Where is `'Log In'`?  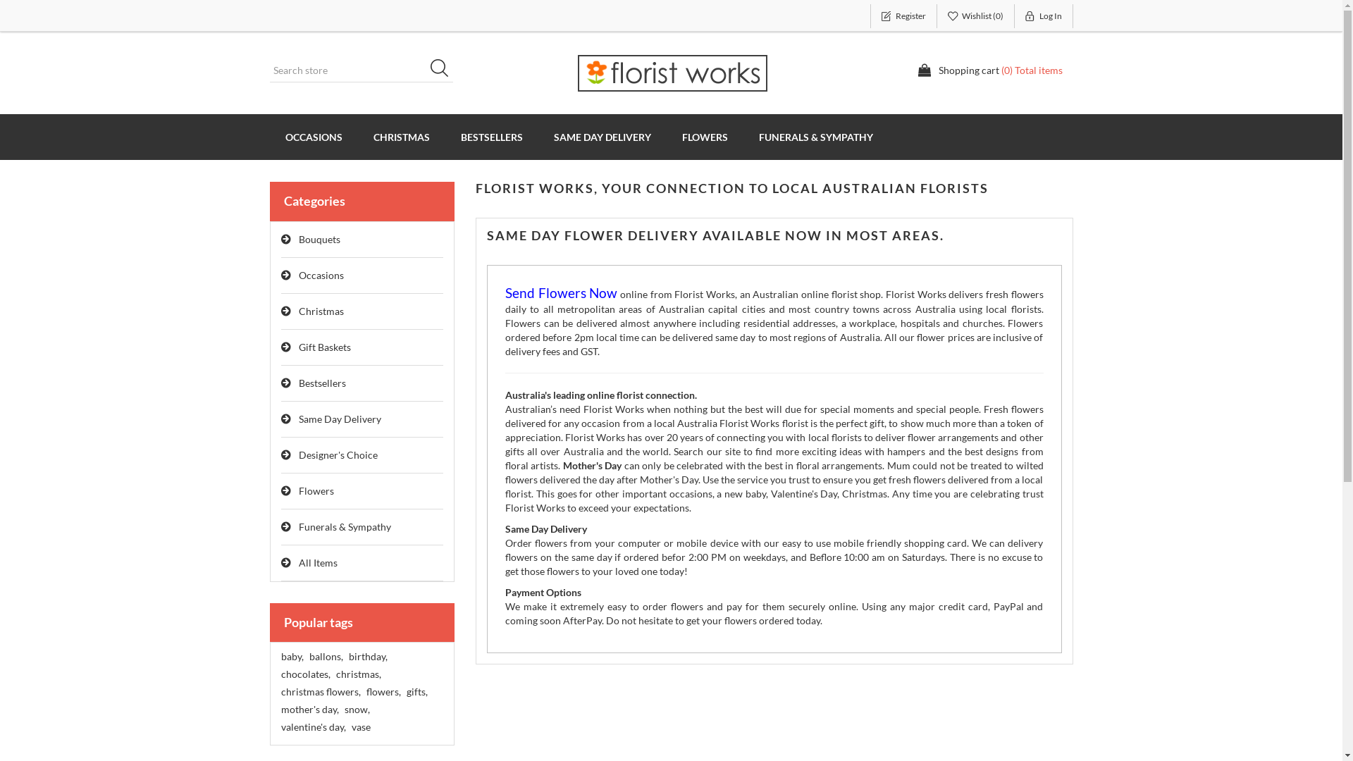
'Log In' is located at coordinates (1015, 16).